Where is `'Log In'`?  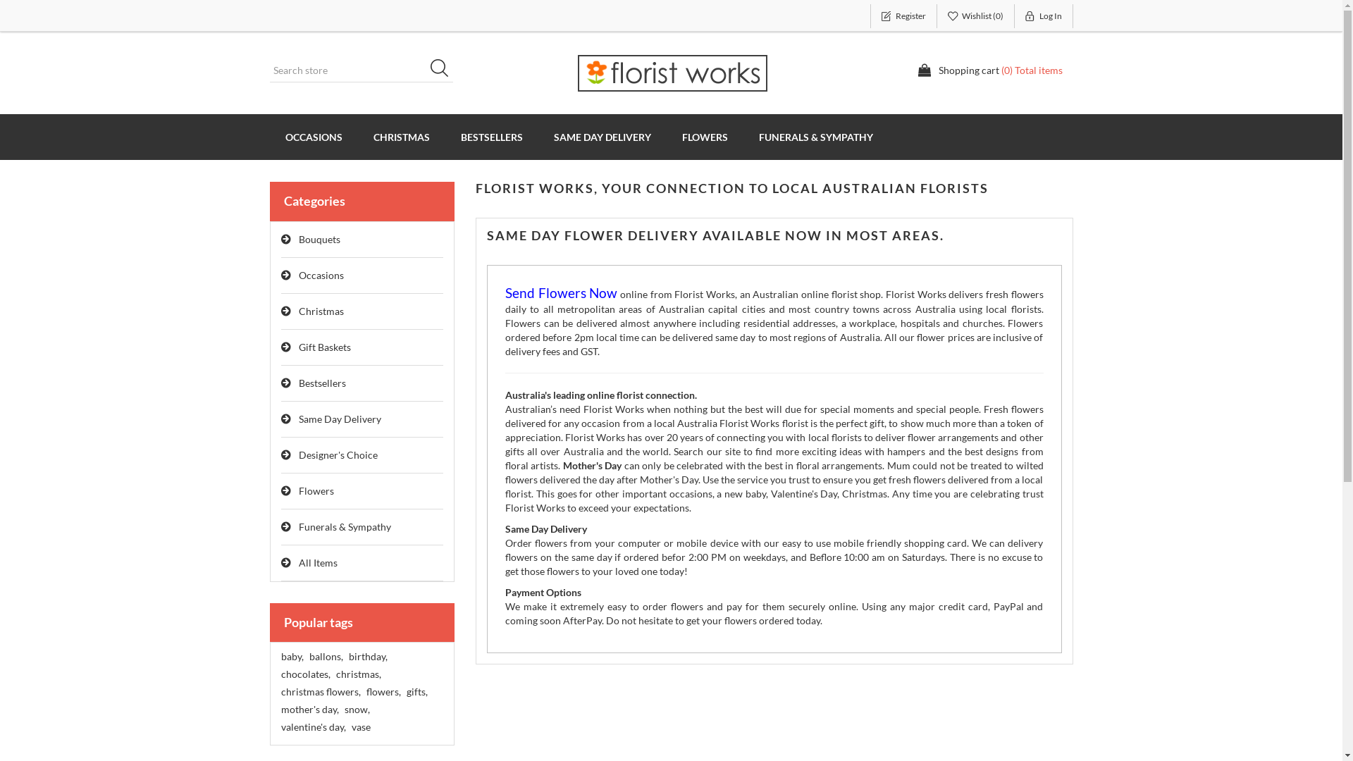
'Log In' is located at coordinates (1015, 16).